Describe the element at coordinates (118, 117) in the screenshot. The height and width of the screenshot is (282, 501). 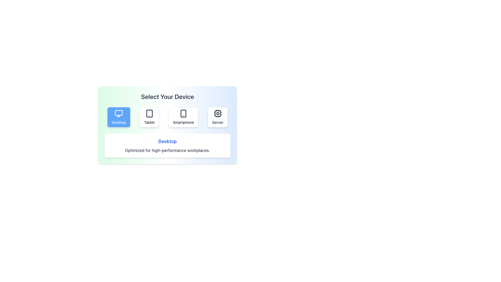
I see `the 'Desktop' device type button, which is the first option under the 'Select Your Device' section` at that location.